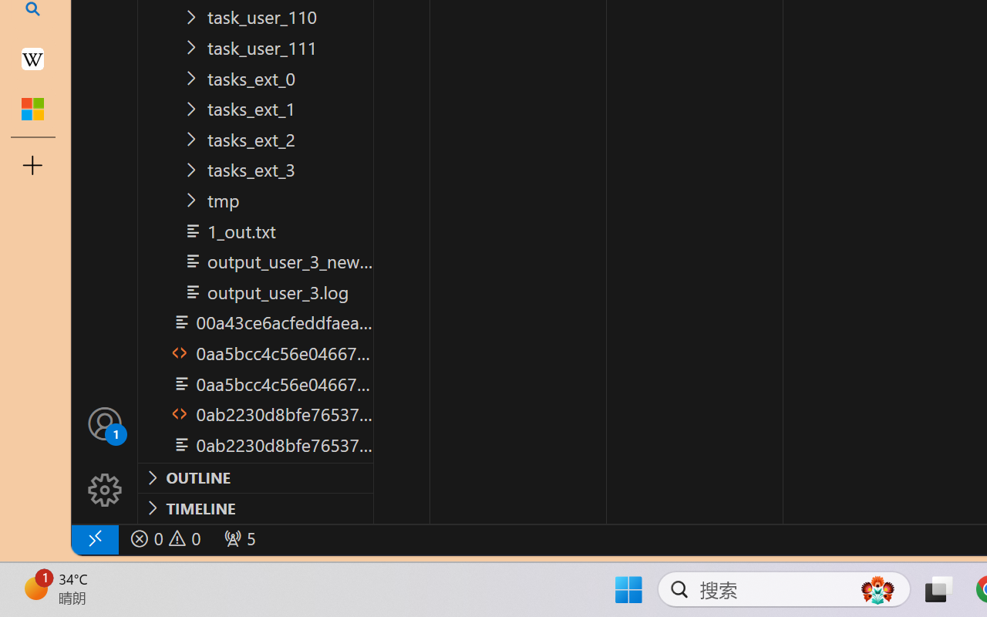  I want to click on 'No Problems', so click(164, 538).